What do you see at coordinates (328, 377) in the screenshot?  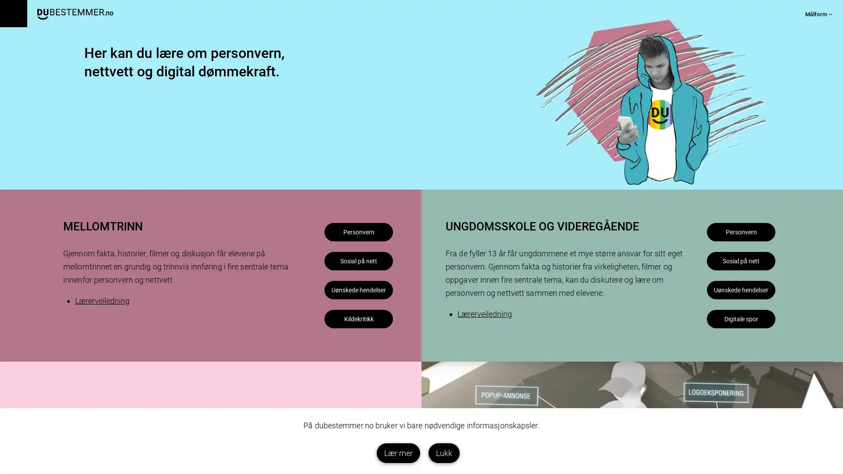 I see `Kildekritikk` at bounding box center [328, 377].